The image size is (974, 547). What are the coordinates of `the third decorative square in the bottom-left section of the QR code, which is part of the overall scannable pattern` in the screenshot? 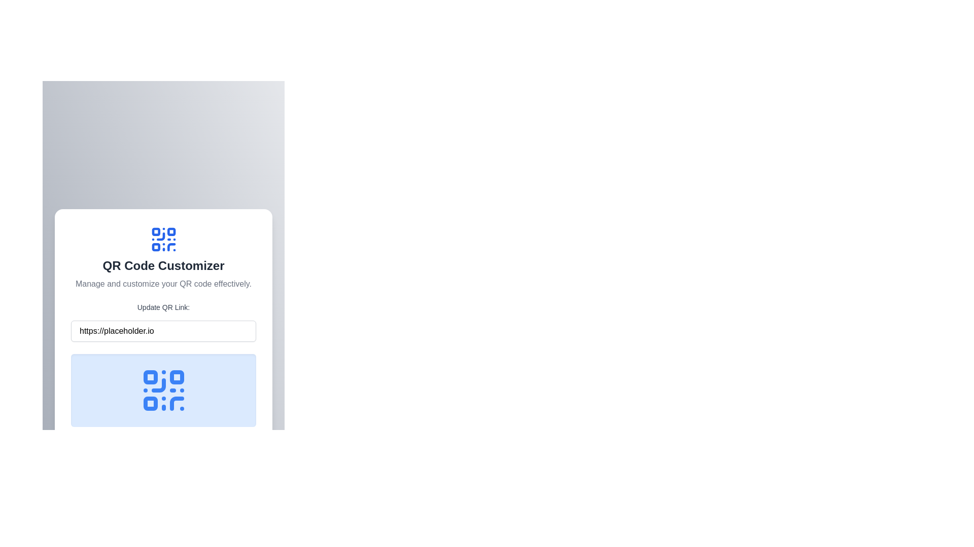 It's located at (155, 247).